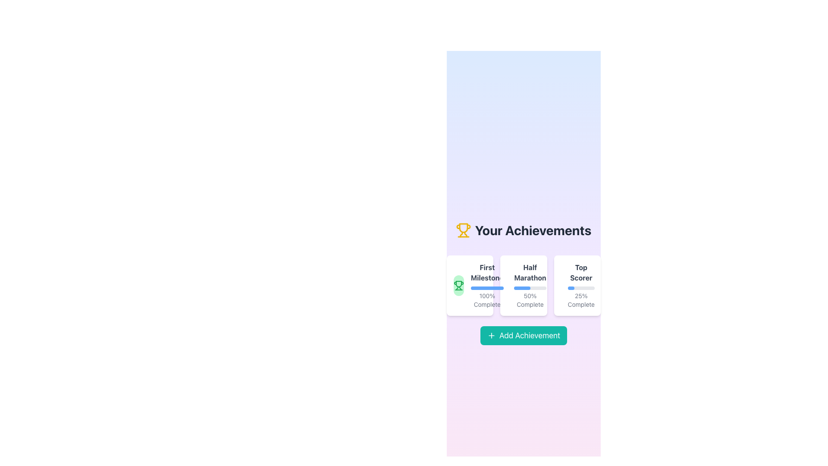  Describe the element at coordinates (470, 286) in the screenshot. I see `the Informational Card that displays achievement details, which is the first card in the achievement cards section located at the top-left corner` at that location.